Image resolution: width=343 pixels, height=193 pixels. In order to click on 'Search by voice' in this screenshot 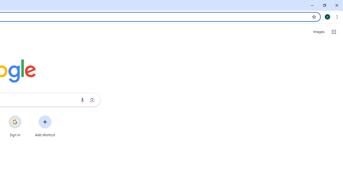, I will do `click(82, 100)`.